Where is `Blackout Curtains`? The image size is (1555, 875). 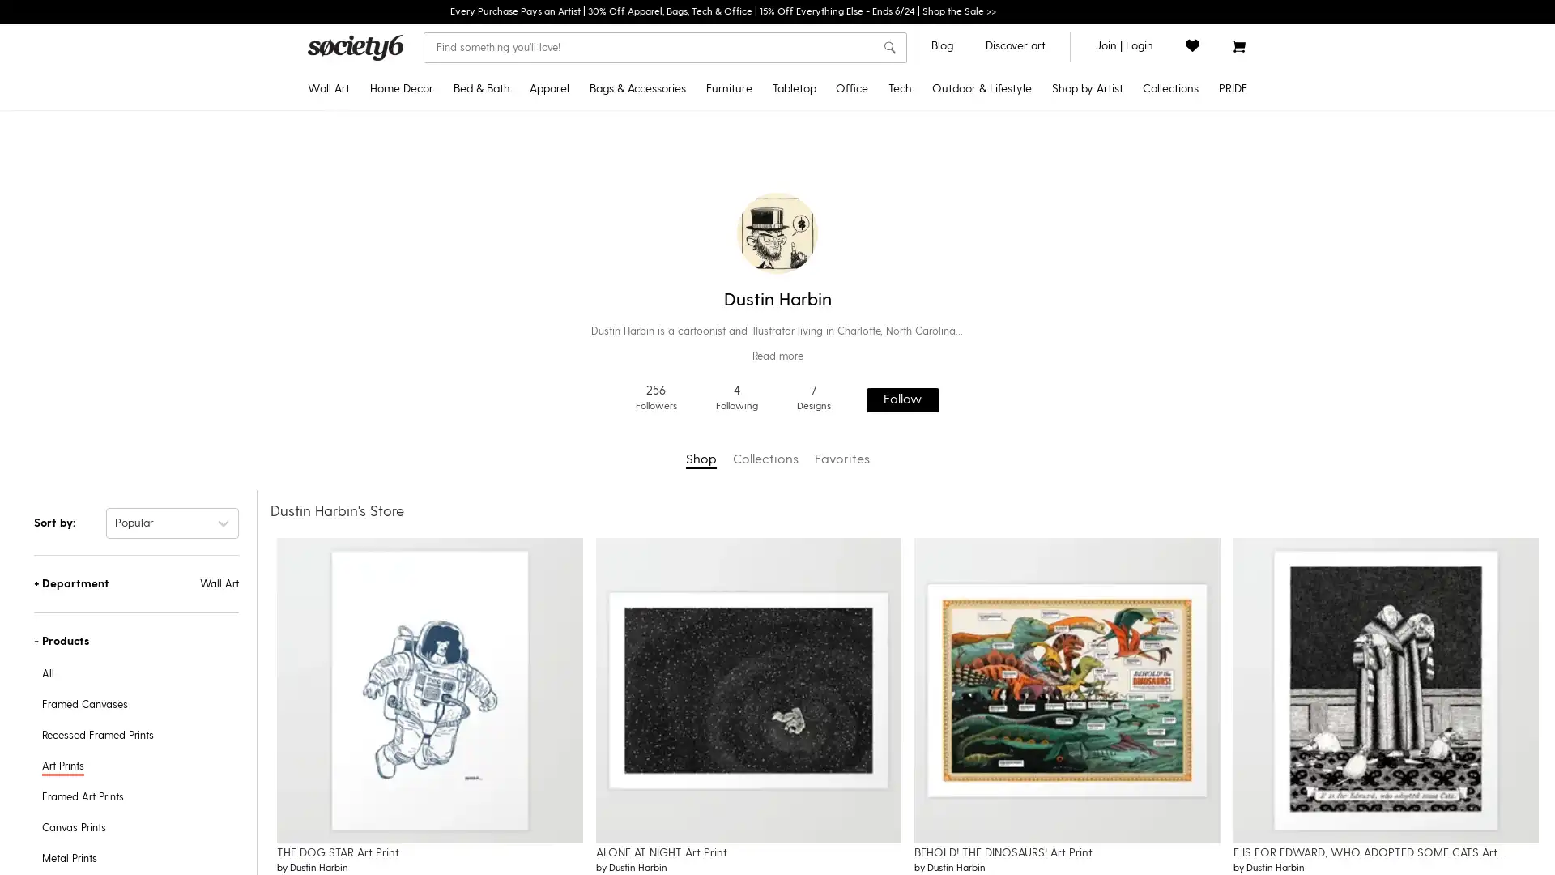
Blackout Curtains is located at coordinates (432, 259).